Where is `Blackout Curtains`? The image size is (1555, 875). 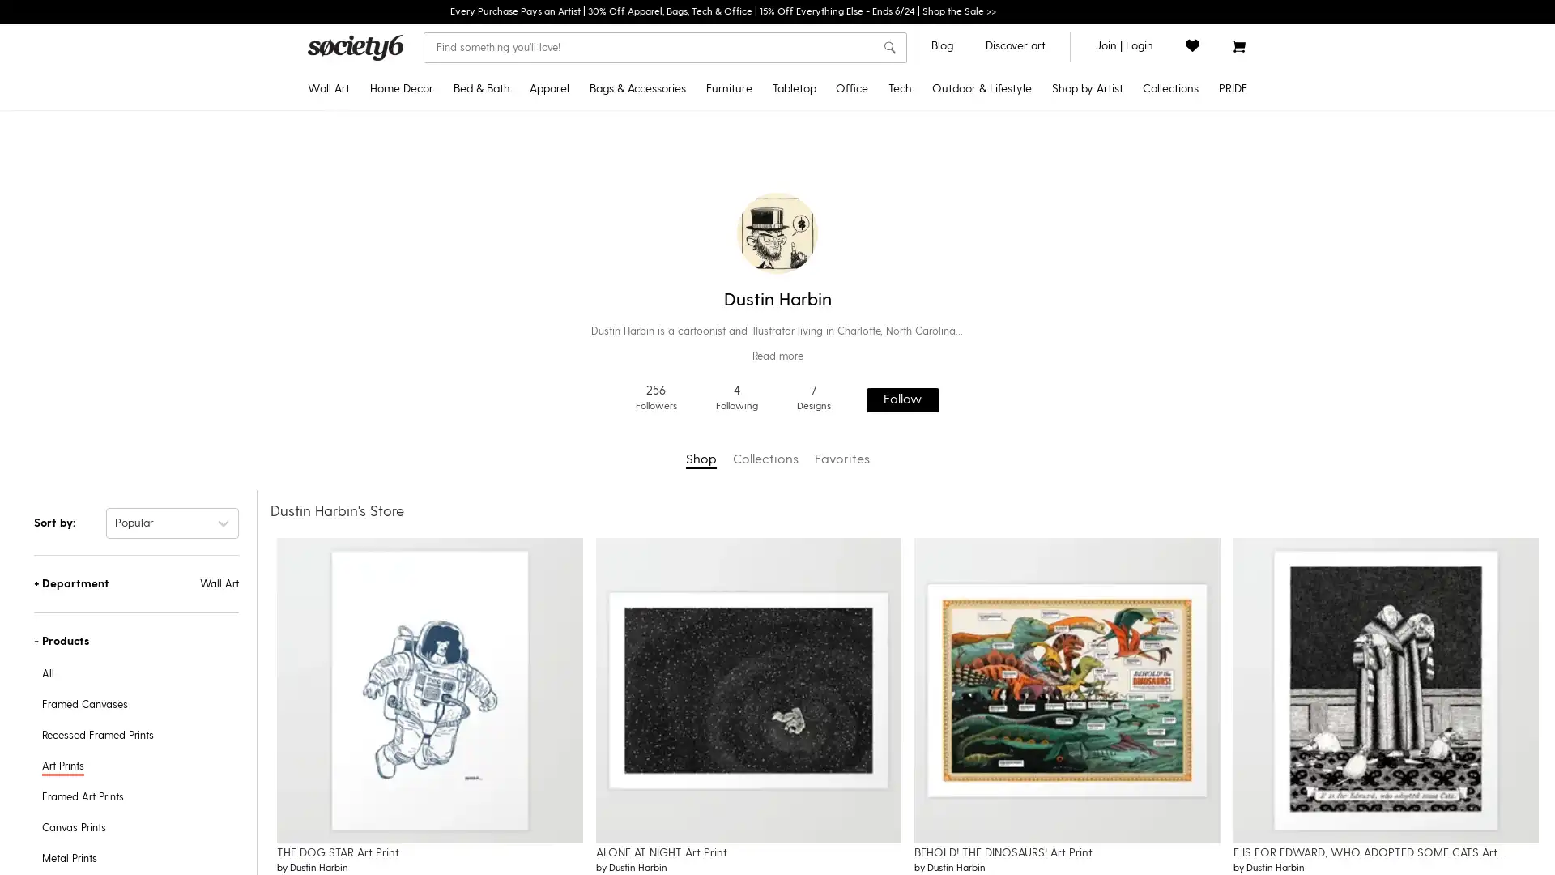
Blackout Curtains is located at coordinates (432, 259).